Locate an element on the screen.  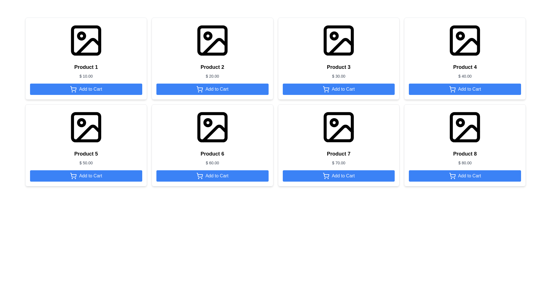
the button labeled 'Product 4' at the bottom of its product card is located at coordinates (465, 89).